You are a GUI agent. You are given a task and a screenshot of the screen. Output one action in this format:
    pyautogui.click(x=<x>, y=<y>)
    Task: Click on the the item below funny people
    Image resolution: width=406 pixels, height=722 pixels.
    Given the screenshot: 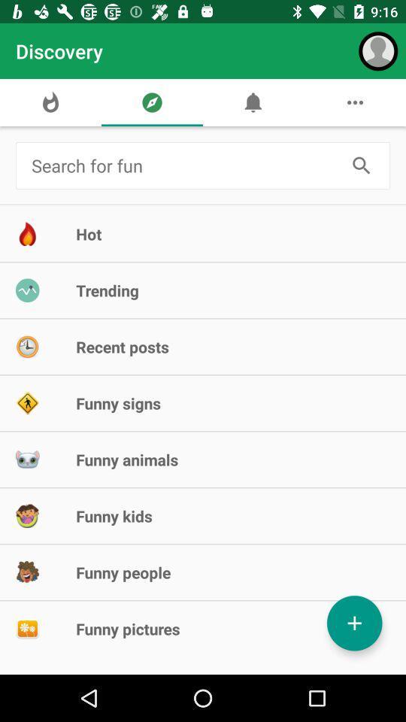 What is the action you would take?
    pyautogui.click(x=354, y=623)
    